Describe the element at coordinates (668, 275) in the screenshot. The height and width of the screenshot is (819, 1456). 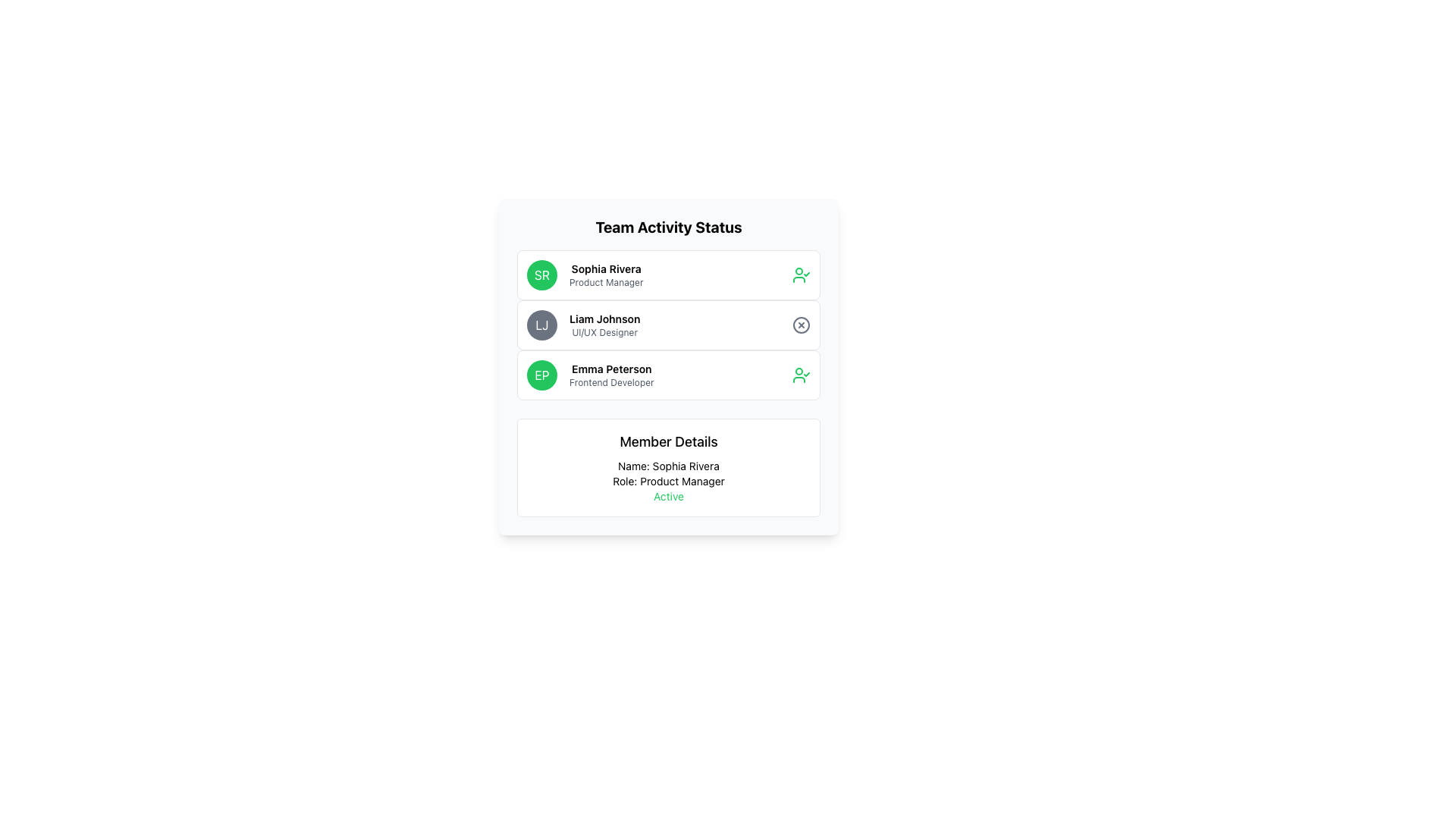
I see `the first card in the team activity dashboard that contains a team member's profile details` at that location.